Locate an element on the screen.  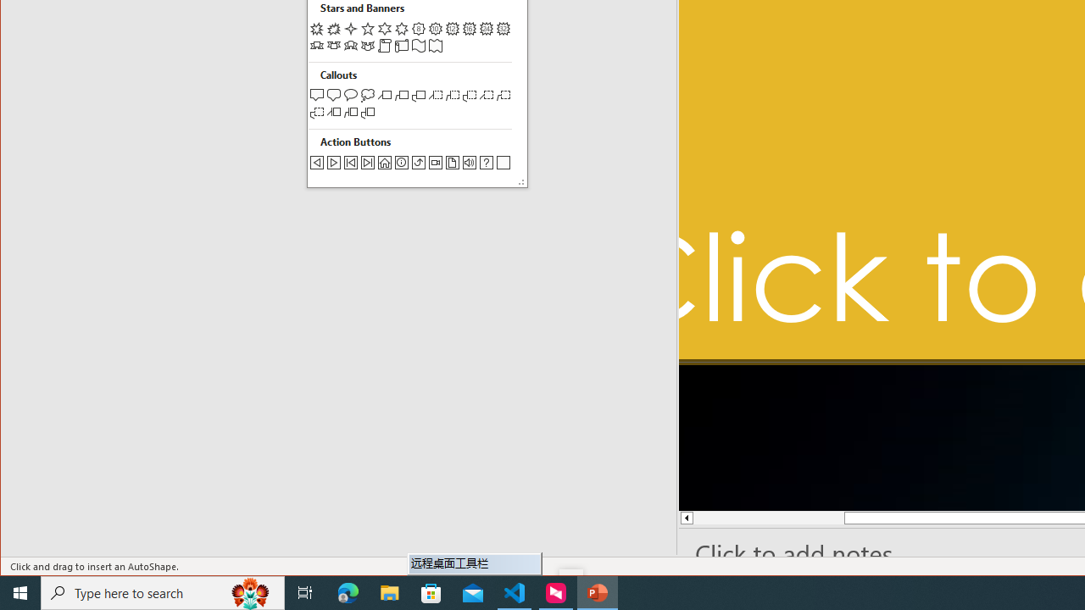
'Search highlights icon opens search home window' is located at coordinates (249, 591).